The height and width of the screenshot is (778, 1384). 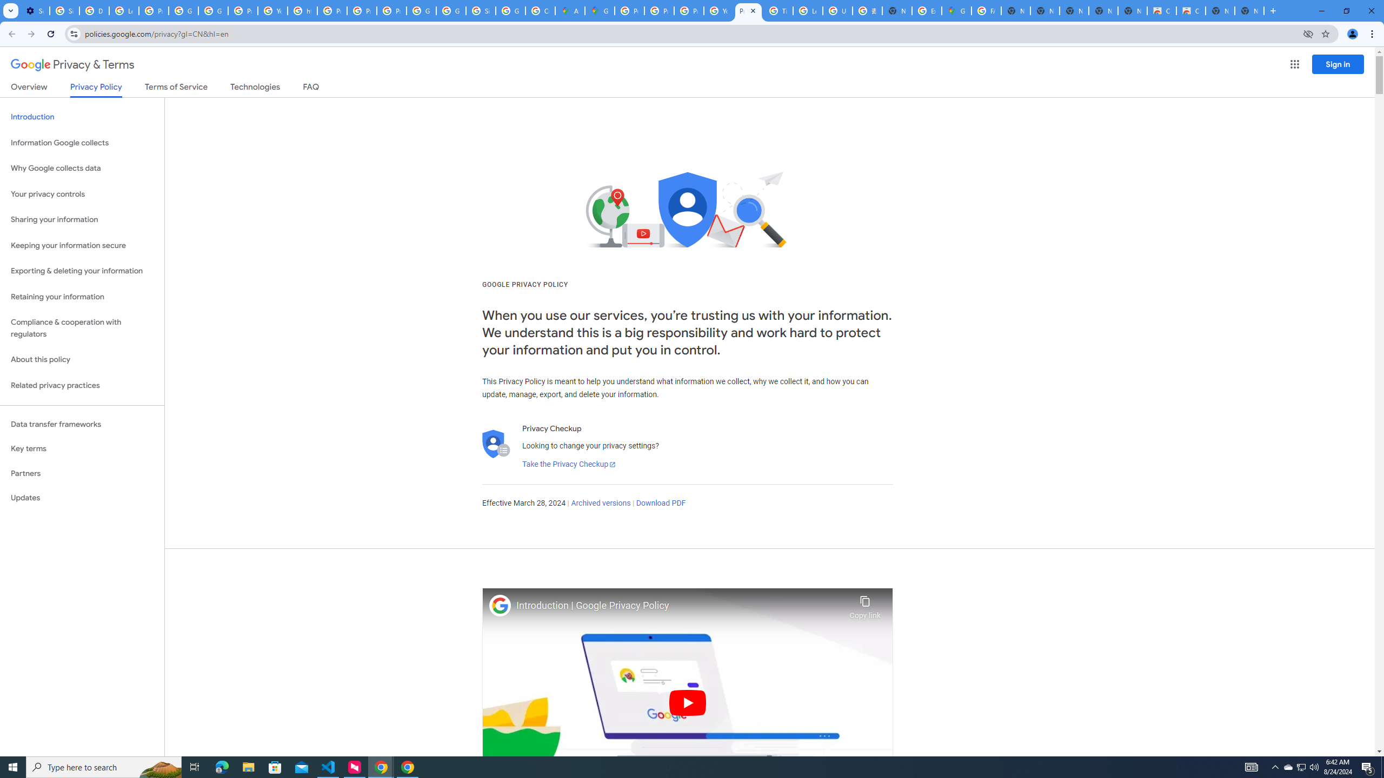 What do you see at coordinates (1249, 10) in the screenshot?
I see `'New Tab'` at bounding box center [1249, 10].